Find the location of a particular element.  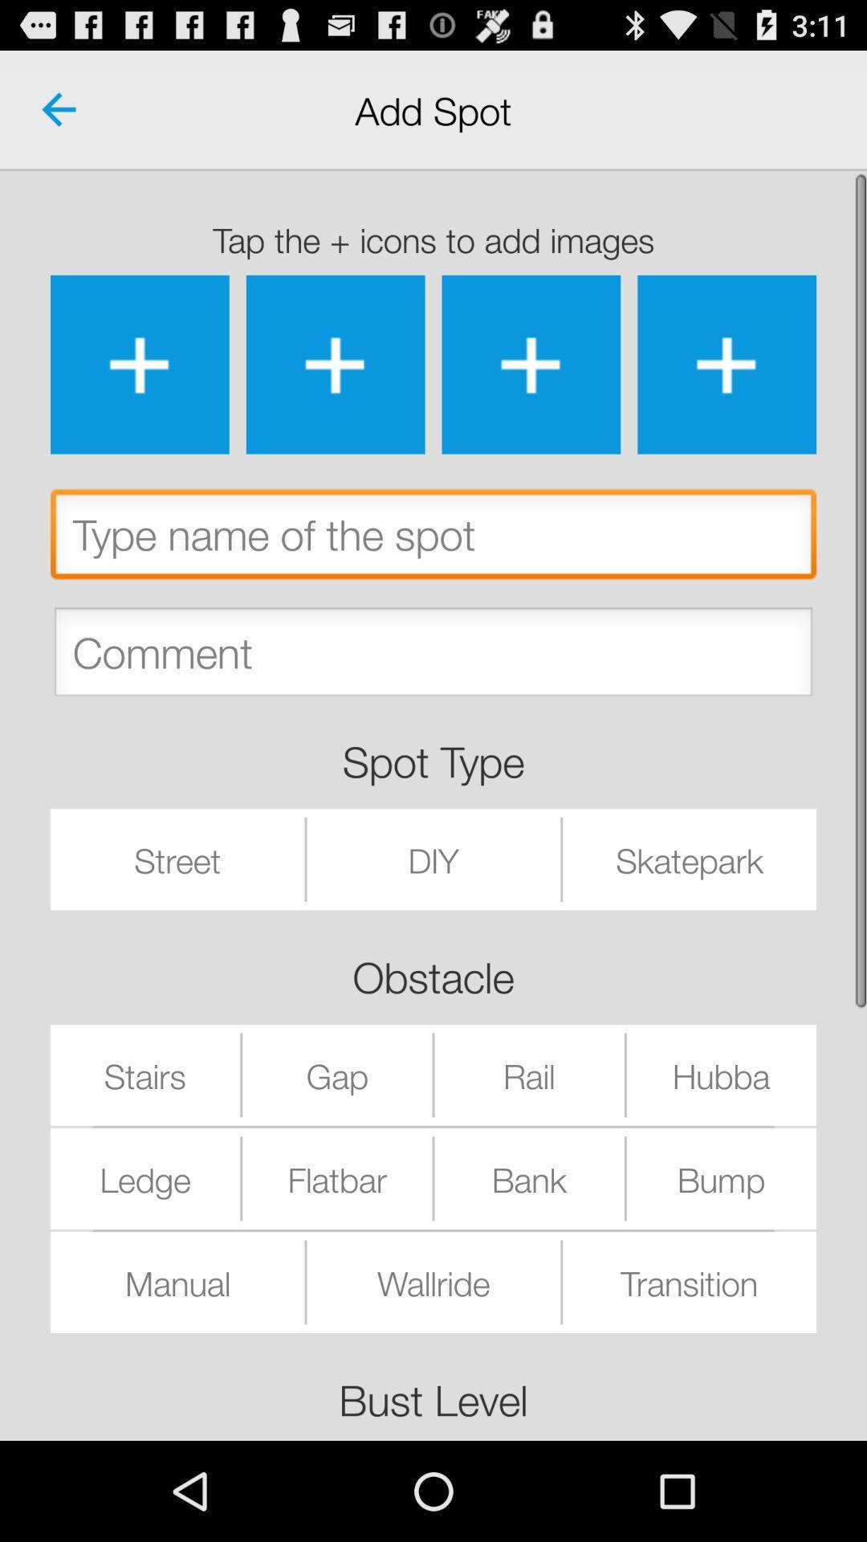

manual item is located at coordinates (177, 1281).